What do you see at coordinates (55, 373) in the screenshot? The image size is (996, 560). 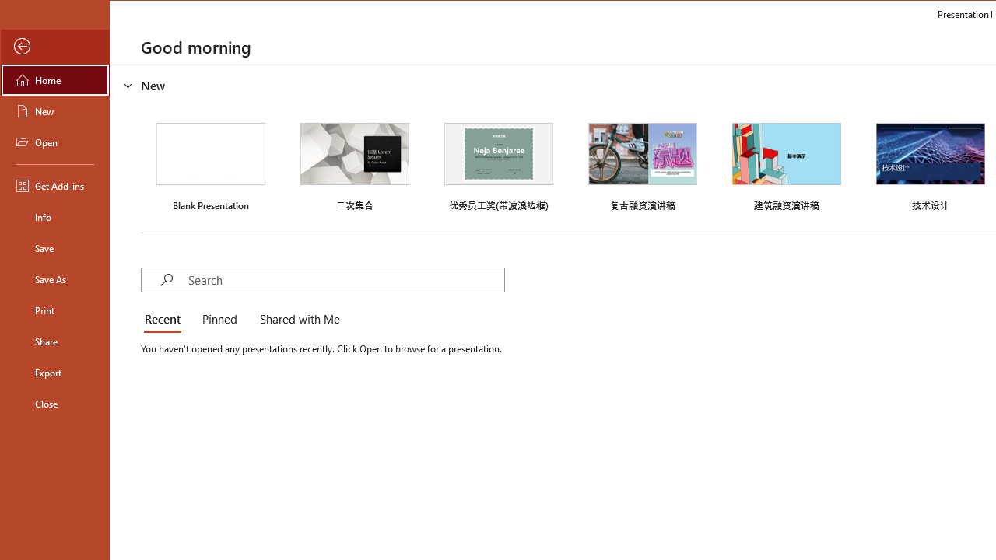 I see `'Export'` at bounding box center [55, 373].